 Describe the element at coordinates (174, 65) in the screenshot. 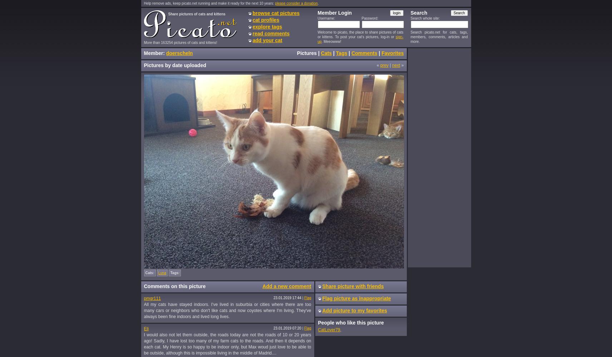

I see `'Pictures by date uploaded'` at that location.